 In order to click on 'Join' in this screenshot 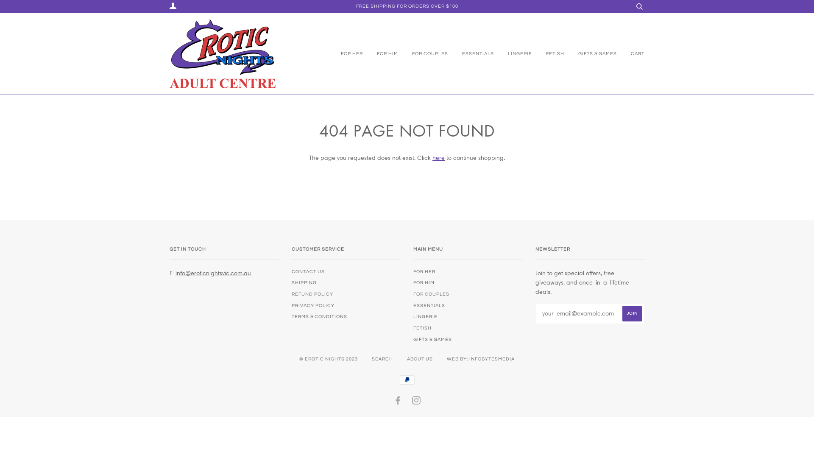, I will do `click(632, 313)`.